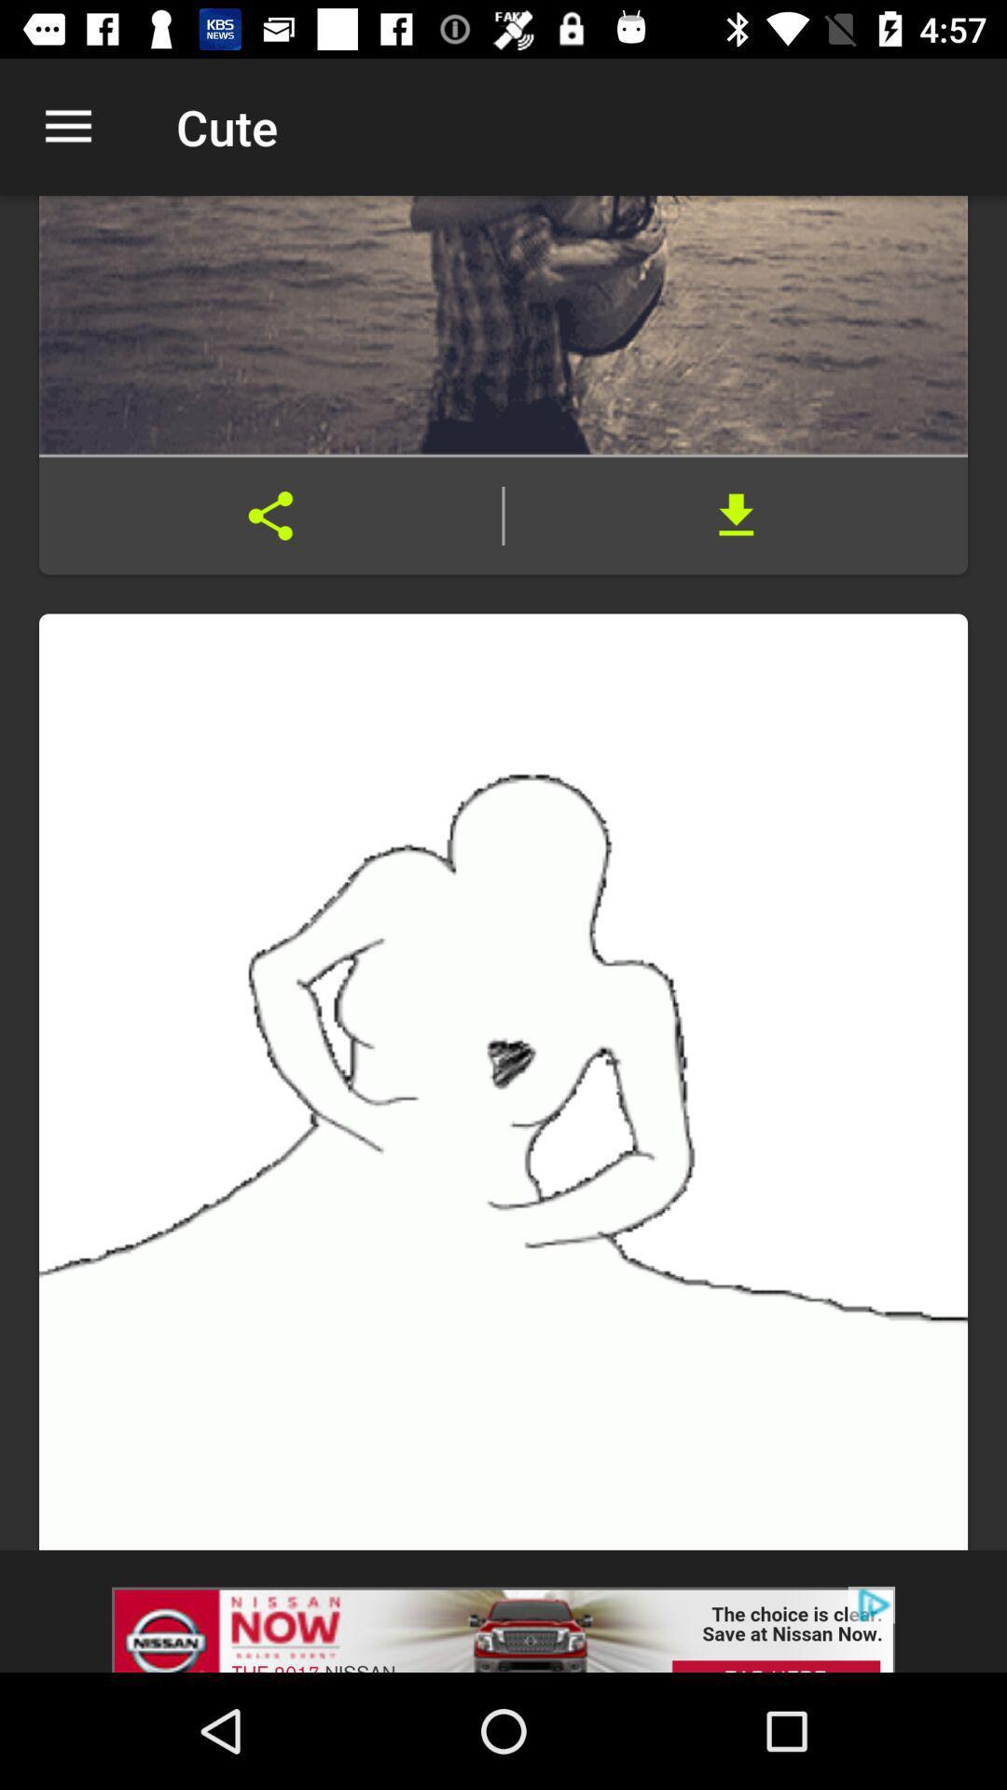 The width and height of the screenshot is (1007, 1790). I want to click on click advertisement, so click(504, 1610).